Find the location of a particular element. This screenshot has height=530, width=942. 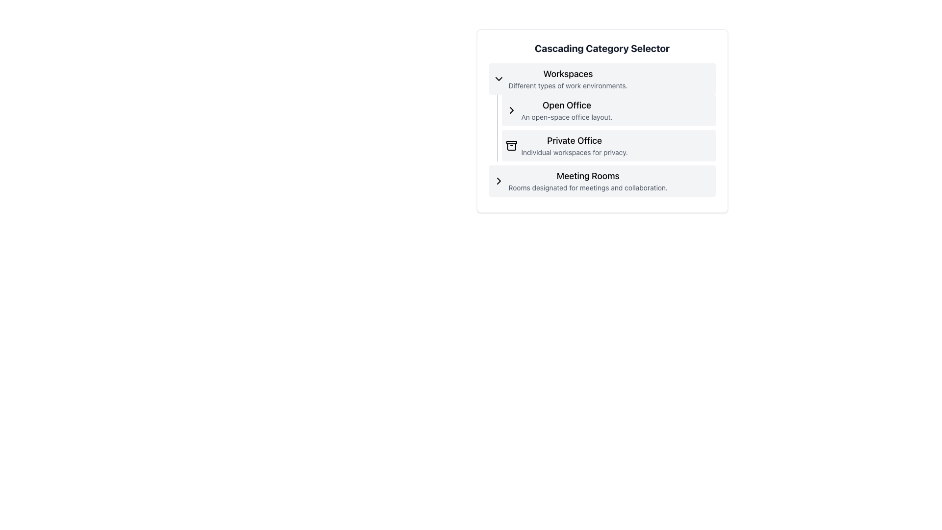

the icon representing the 'Private Office' category, which is the first icon in the section, located to the left of the title 'Private Office' is located at coordinates (511, 146).